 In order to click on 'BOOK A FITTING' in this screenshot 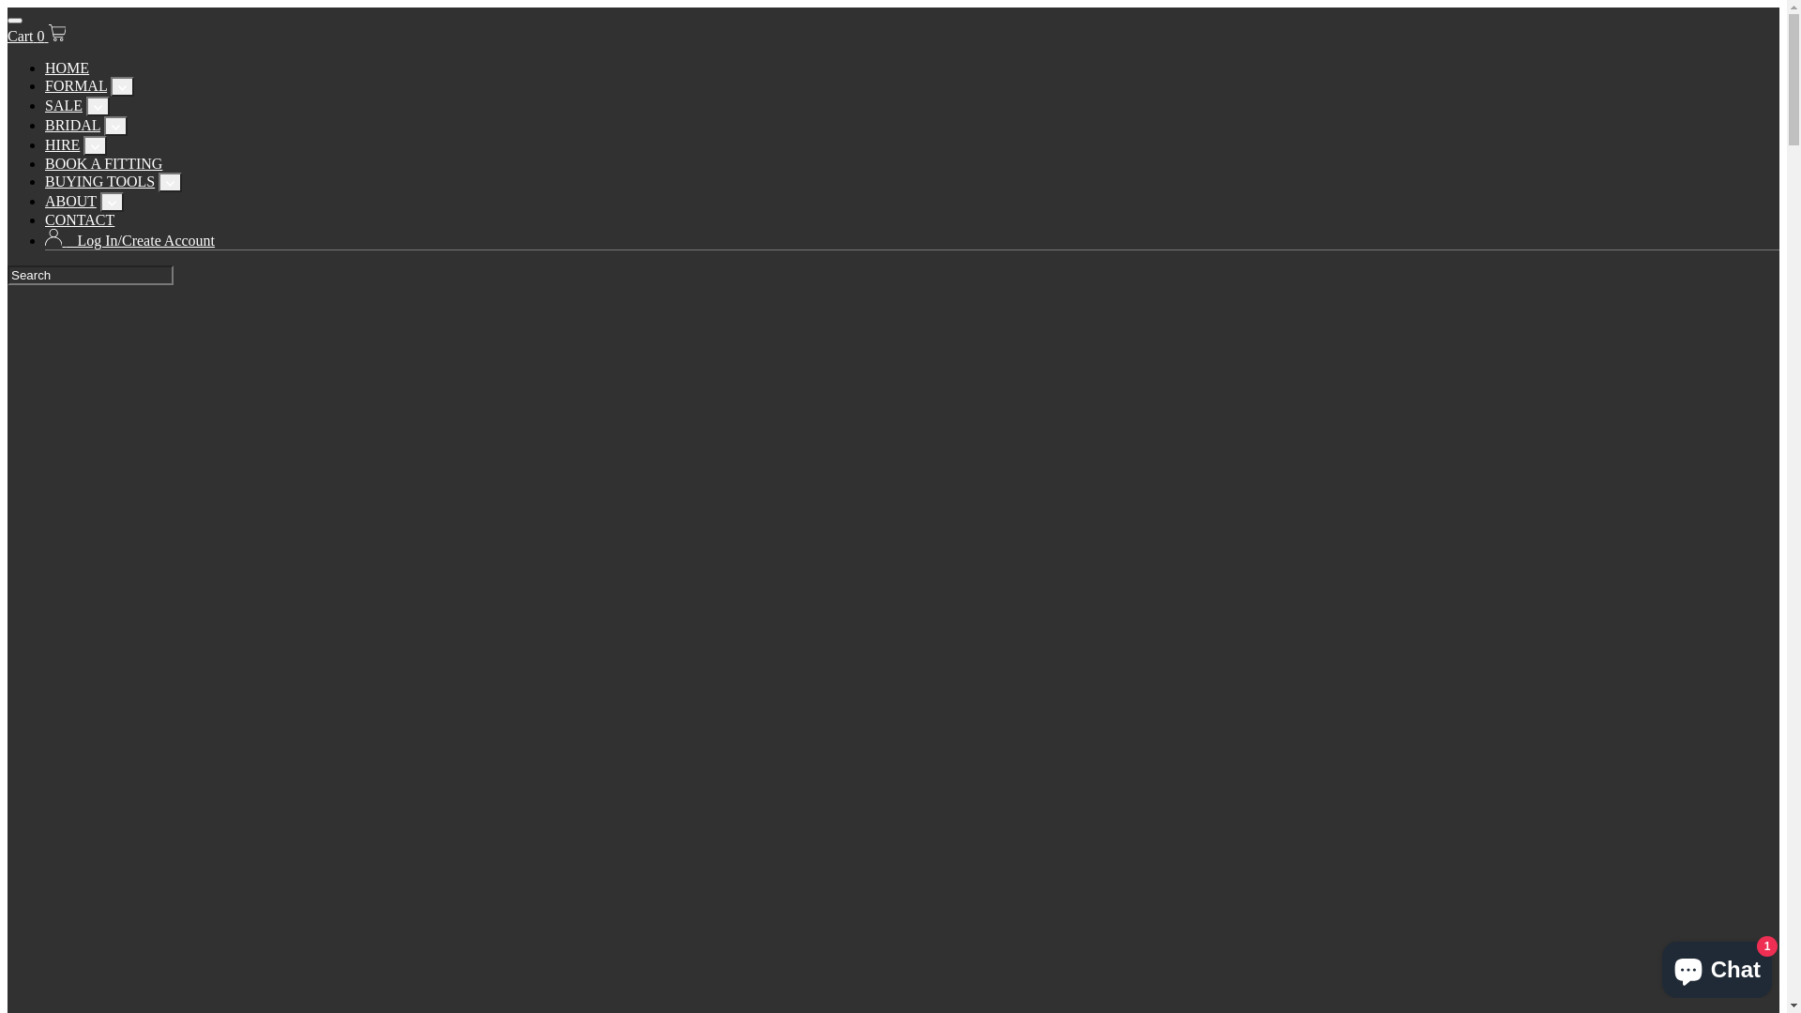, I will do `click(102, 162)`.